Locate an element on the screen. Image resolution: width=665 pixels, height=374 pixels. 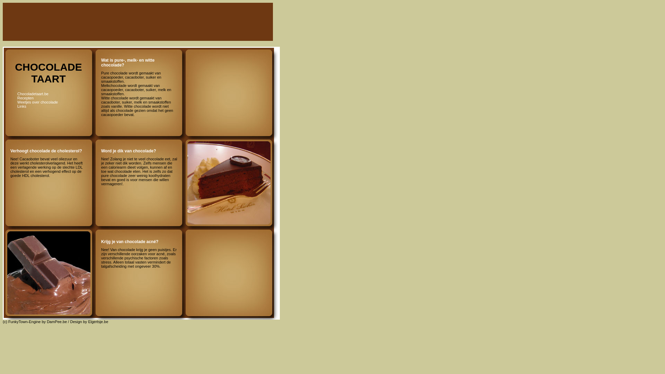
'DamPee.be' is located at coordinates (46, 322).